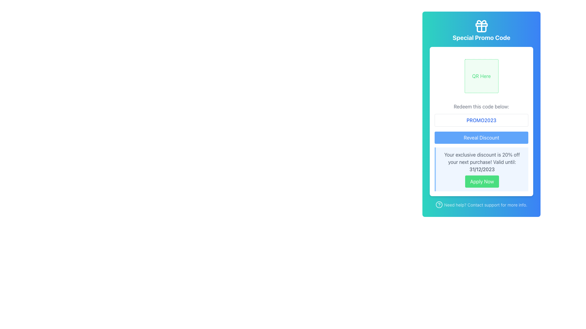  I want to click on the horizontal decorative bar within the gift icon located at the top of the 'Special Promo Code' panel, so click(481, 24).